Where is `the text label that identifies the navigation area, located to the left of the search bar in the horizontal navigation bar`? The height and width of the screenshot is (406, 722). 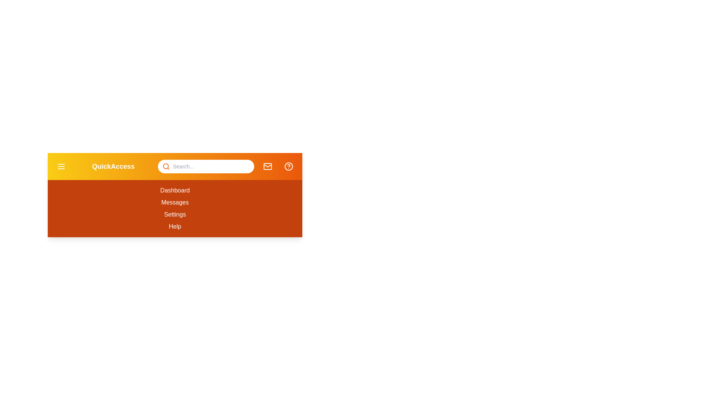 the text label that identifies the navigation area, located to the left of the search bar in the horizontal navigation bar is located at coordinates (113, 166).